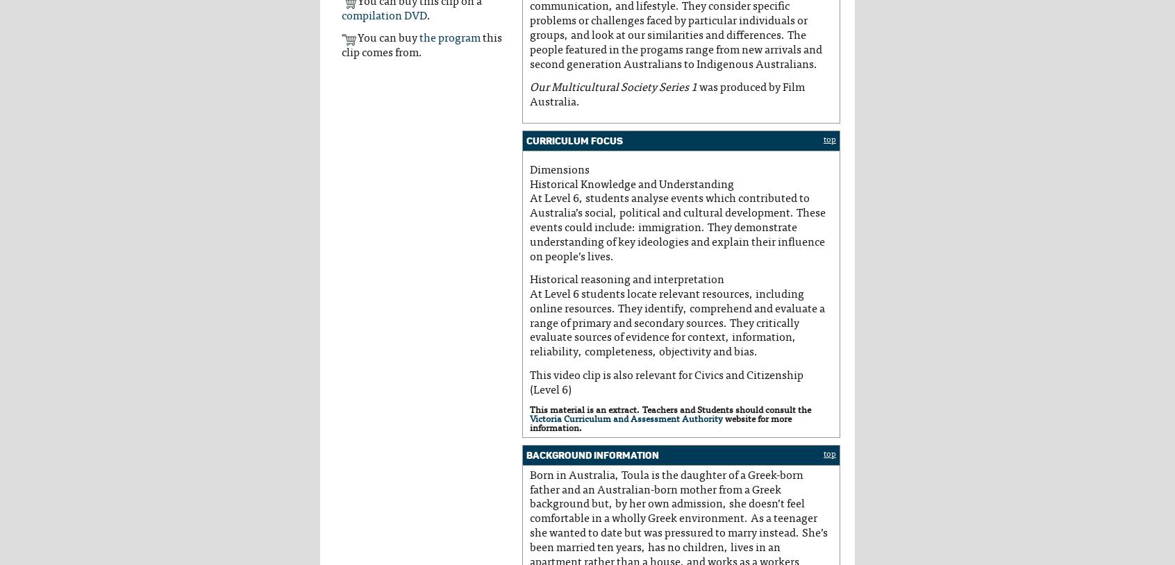  What do you see at coordinates (667, 382) in the screenshot?
I see `'This video clip is also relevant for Civics and Citizenship (Level 6)'` at bounding box center [667, 382].